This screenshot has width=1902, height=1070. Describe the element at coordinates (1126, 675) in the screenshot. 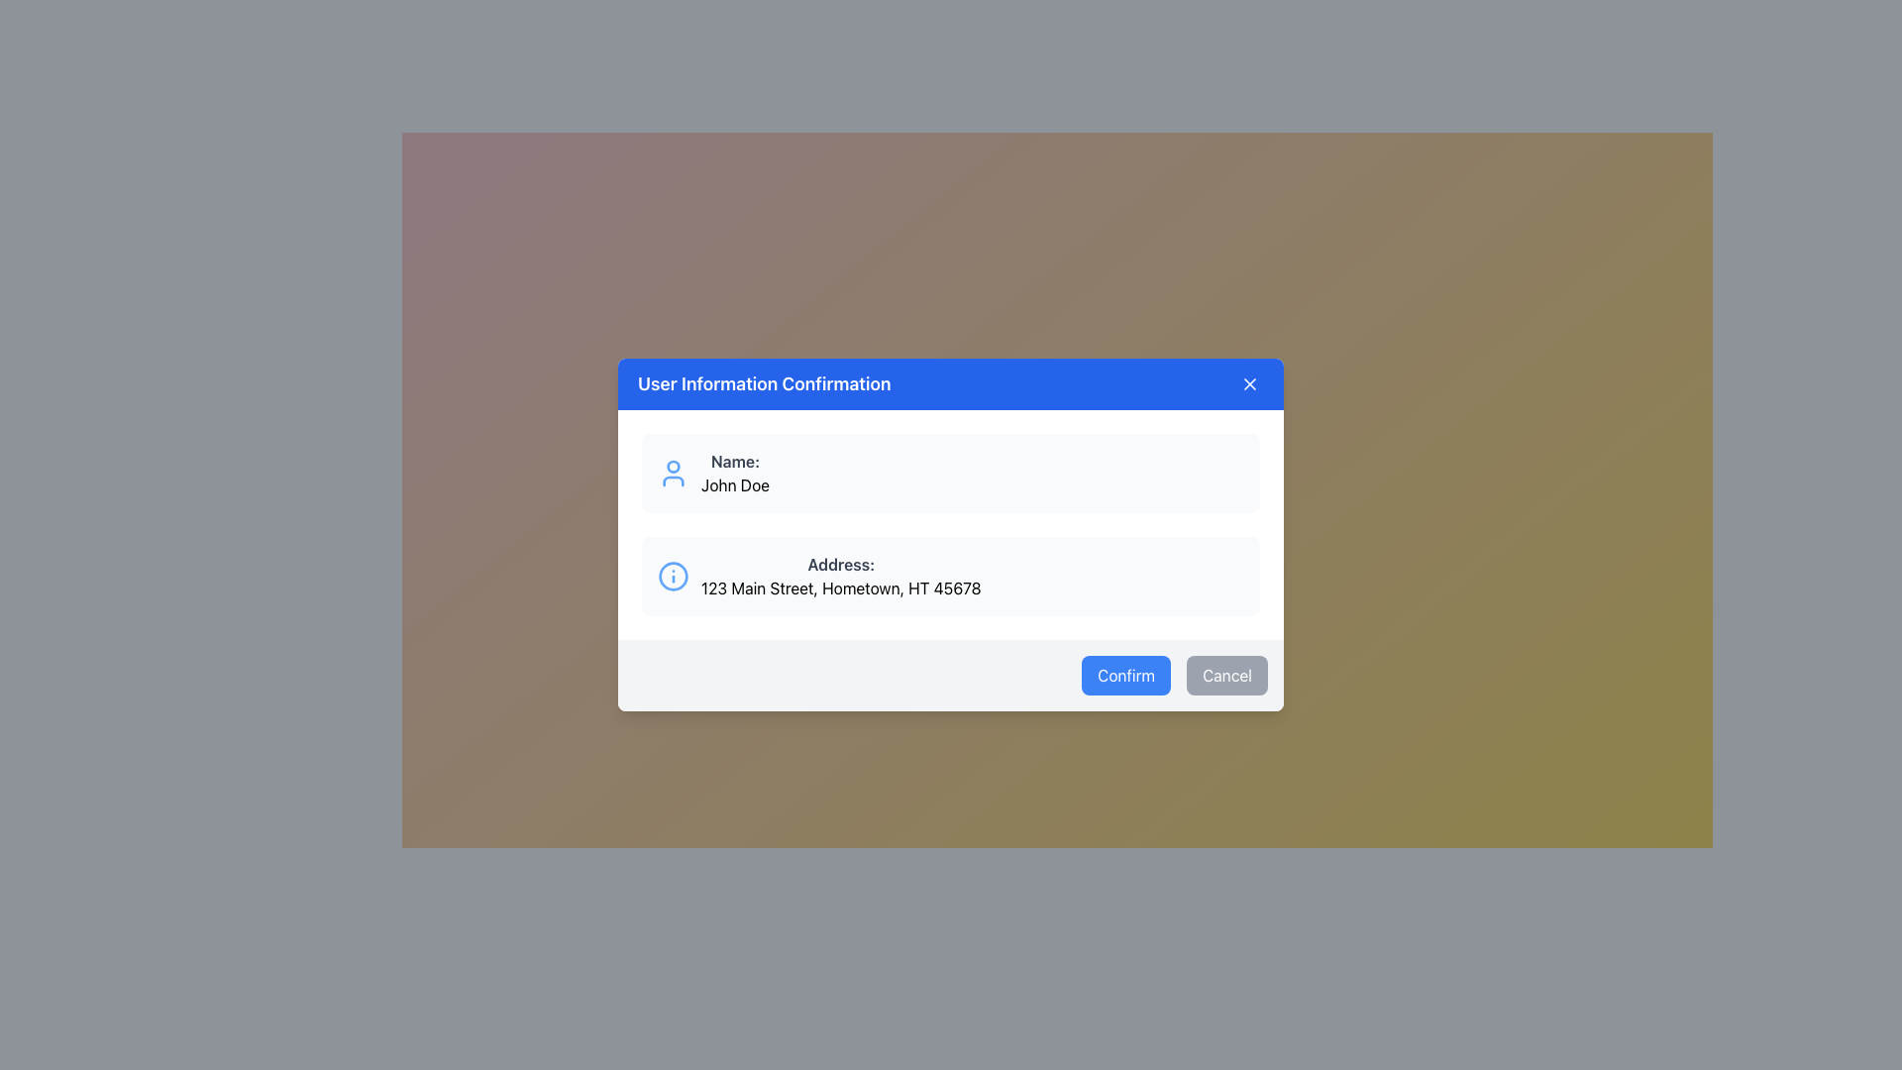

I see `the 'Confirm' button, which is a rectangular button with a blue background and white text, located at the bottom right of the interface` at that location.